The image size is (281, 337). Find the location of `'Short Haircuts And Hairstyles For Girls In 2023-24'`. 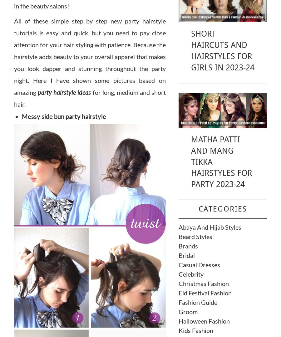

'Short Haircuts And Hairstyles For Girls In 2023-24' is located at coordinates (222, 50).